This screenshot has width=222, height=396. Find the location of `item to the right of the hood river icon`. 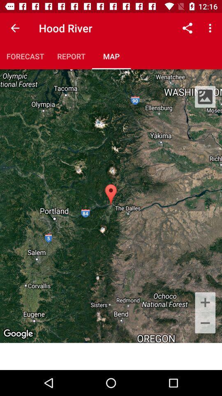

item to the right of the hood river icon is located at coordinates (187, 28).